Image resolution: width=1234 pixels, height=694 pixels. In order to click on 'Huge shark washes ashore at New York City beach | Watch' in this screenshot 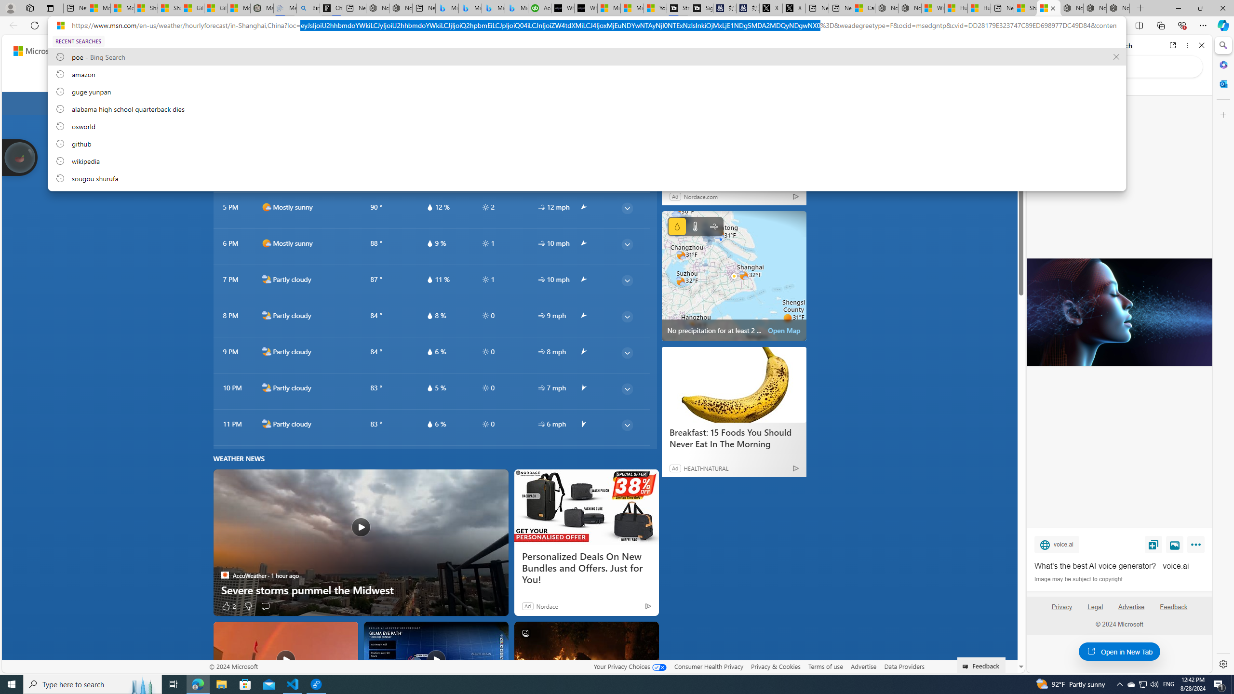, I will do `click(979, 8)`.